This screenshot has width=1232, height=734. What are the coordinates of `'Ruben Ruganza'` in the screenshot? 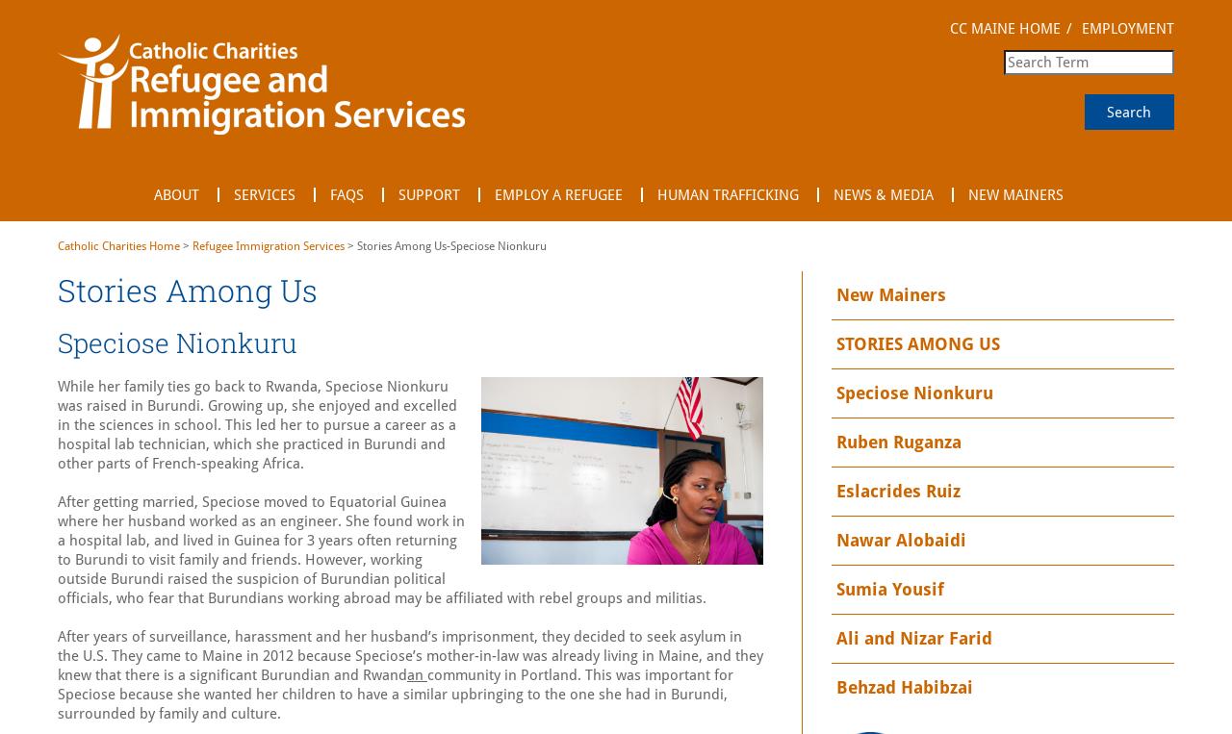 It's located at (898, 441).